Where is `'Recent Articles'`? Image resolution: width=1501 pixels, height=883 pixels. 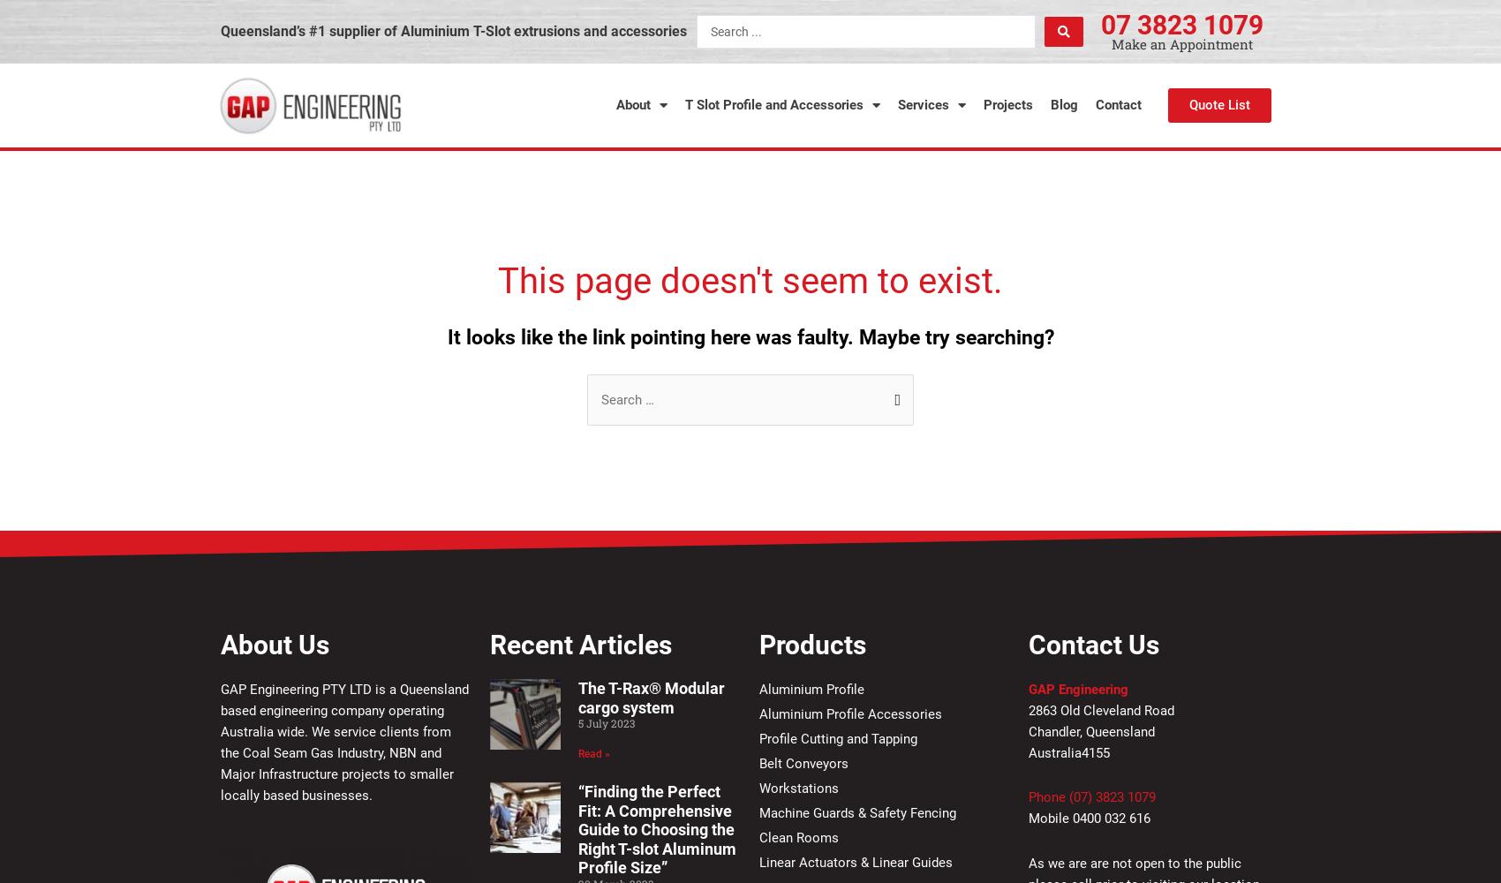
'Recent Articles' is located at coordinates (489, 643).